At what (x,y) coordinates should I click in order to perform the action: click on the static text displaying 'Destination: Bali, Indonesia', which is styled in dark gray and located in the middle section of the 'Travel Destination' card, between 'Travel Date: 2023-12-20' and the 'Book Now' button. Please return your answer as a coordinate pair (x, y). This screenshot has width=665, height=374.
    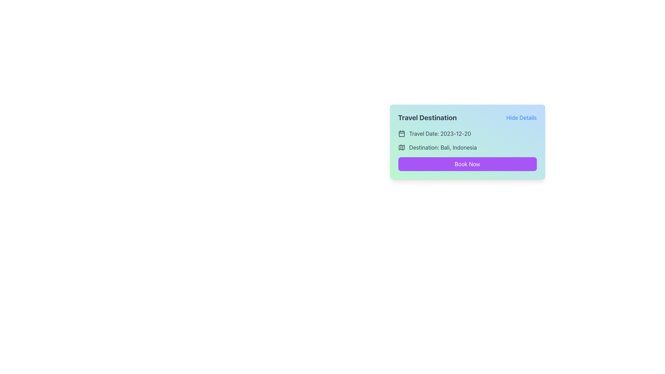
    Looking at the image, I should click on (443, 147).